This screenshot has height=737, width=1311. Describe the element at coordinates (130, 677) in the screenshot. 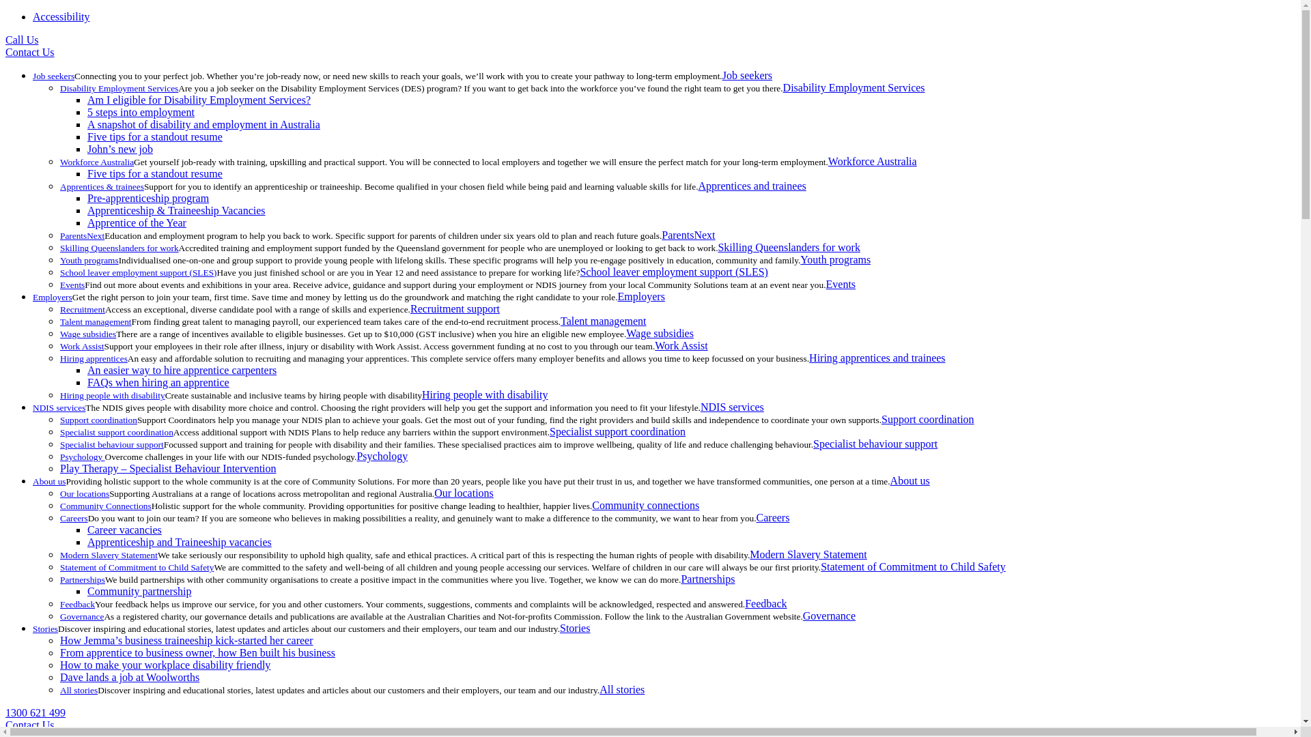

I see `'Dave lands a job at Woolworths'` at that location.